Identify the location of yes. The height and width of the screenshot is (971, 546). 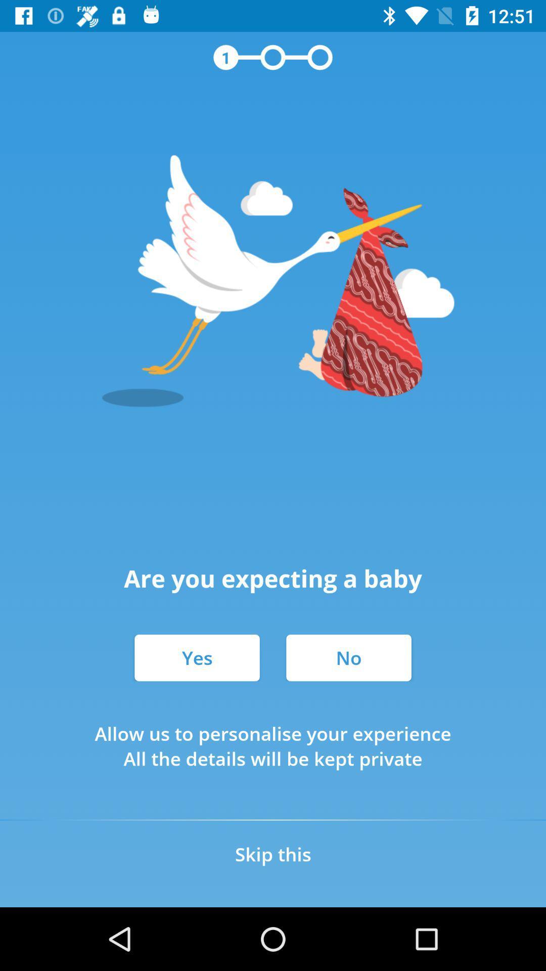
(197, 657).